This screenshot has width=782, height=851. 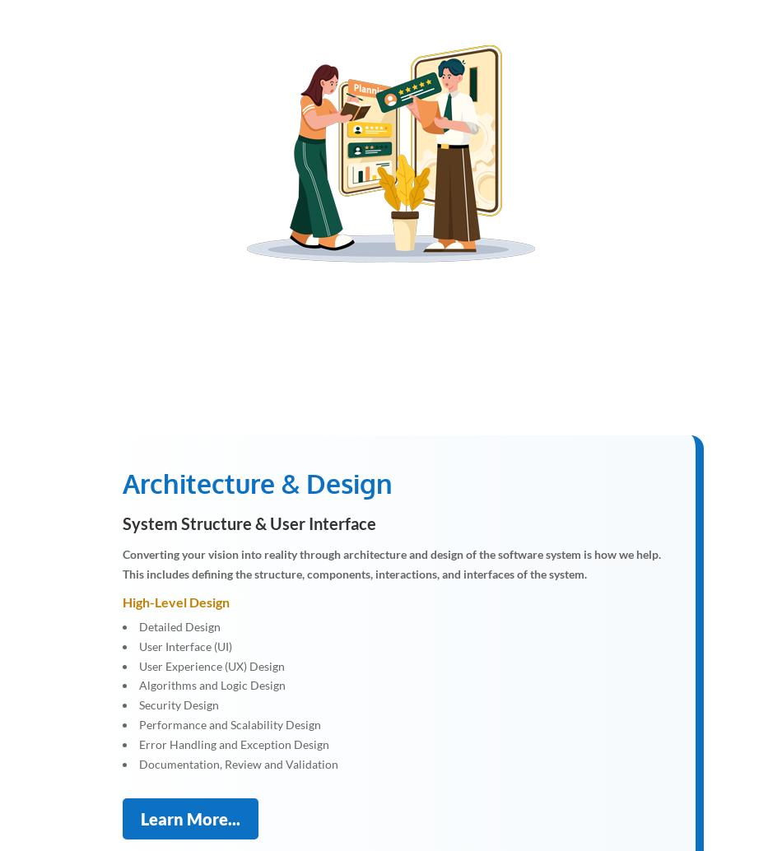 I want to click on 'Documentation, Review and Validation', so click(x=238, y=762).